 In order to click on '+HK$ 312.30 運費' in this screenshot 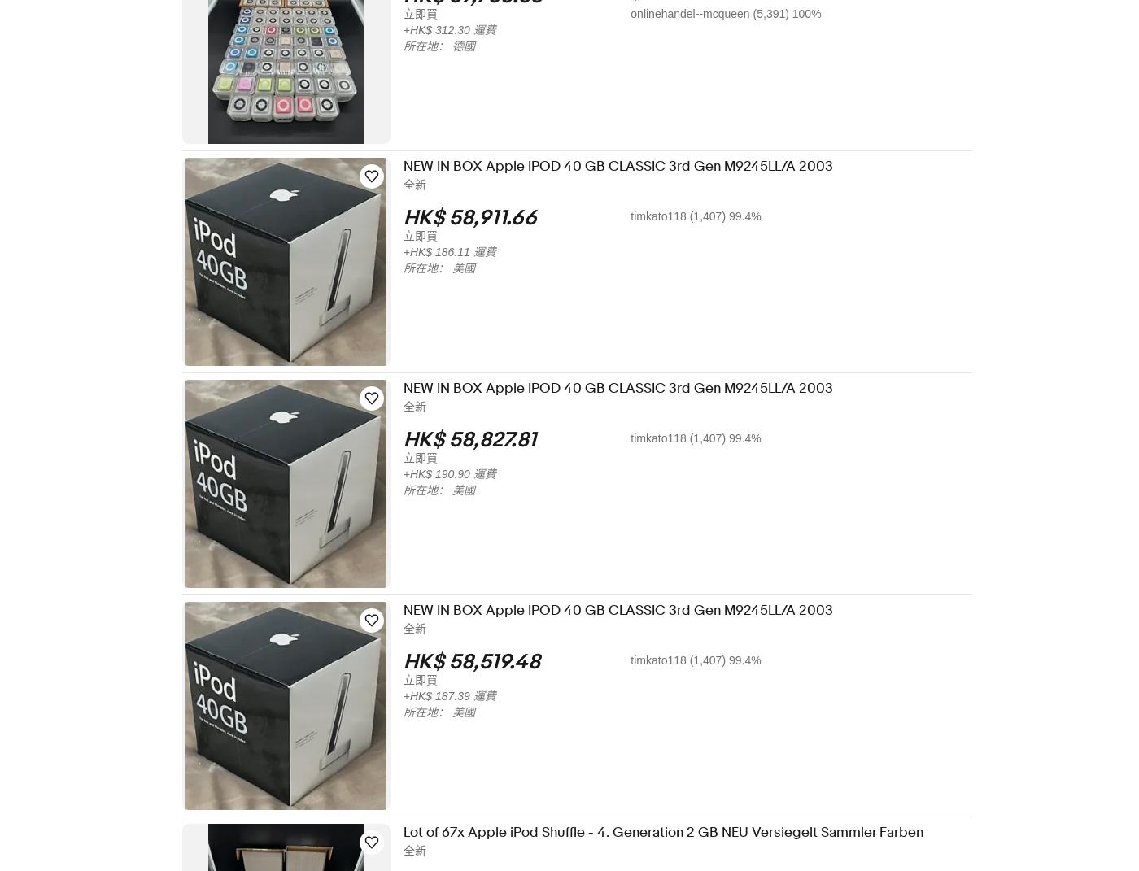, I will do `click(460, 28)`.